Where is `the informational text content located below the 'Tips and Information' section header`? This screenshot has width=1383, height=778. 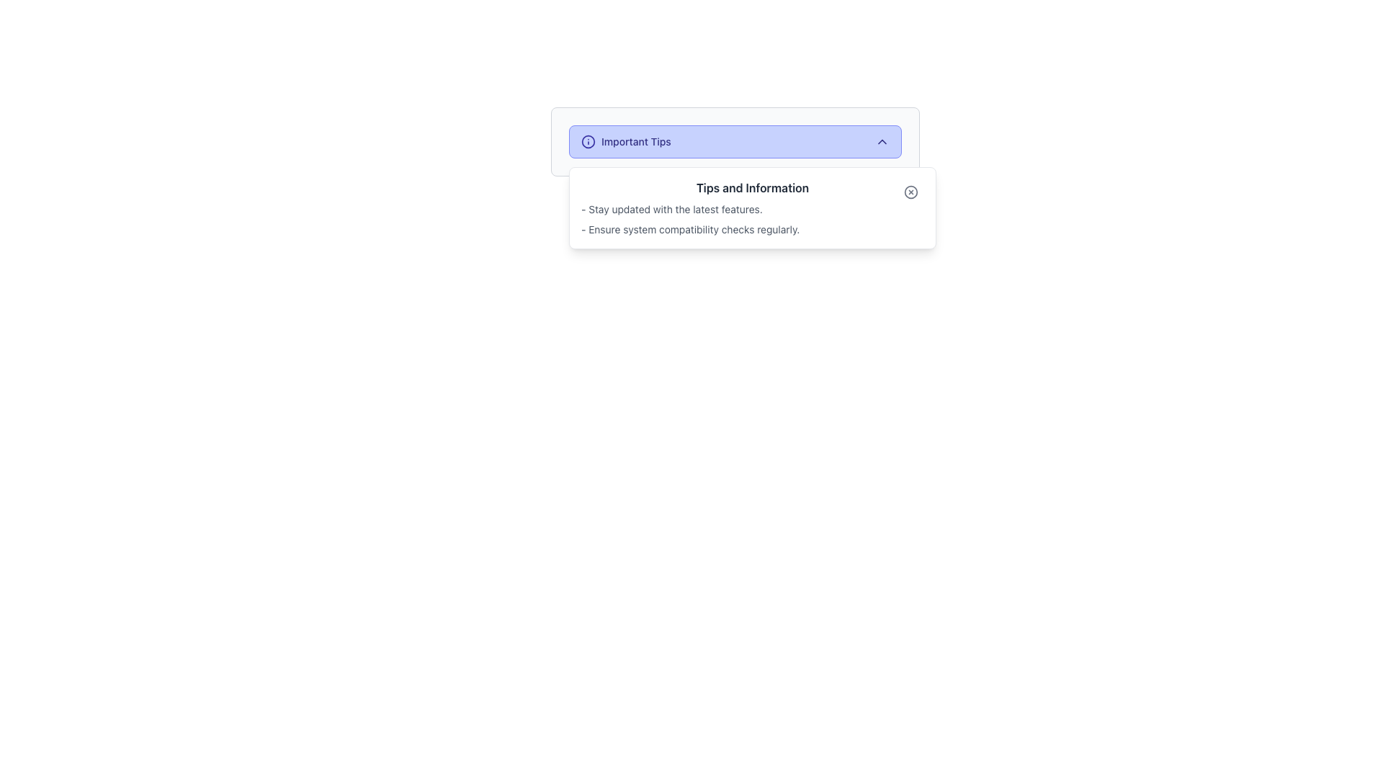
the informational text content located below the 'Tips and Information' section header is located at coordinates (752, 219).